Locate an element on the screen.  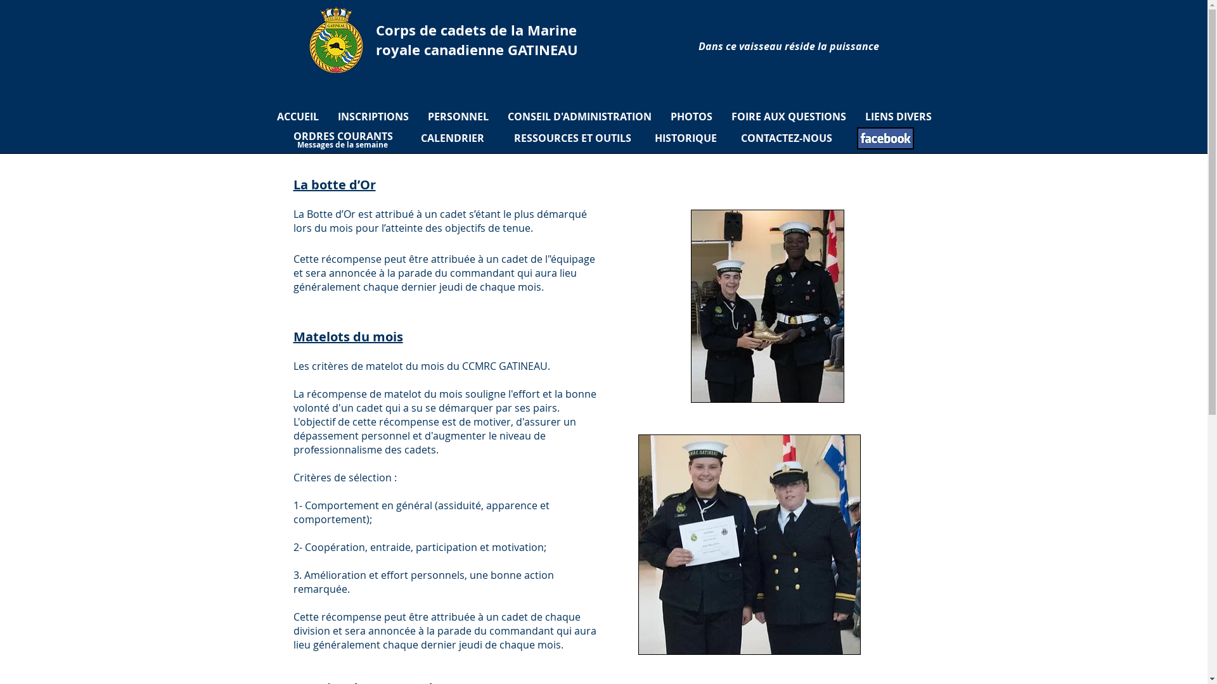
'PHOTOS' is located at coordinates (690, 117).